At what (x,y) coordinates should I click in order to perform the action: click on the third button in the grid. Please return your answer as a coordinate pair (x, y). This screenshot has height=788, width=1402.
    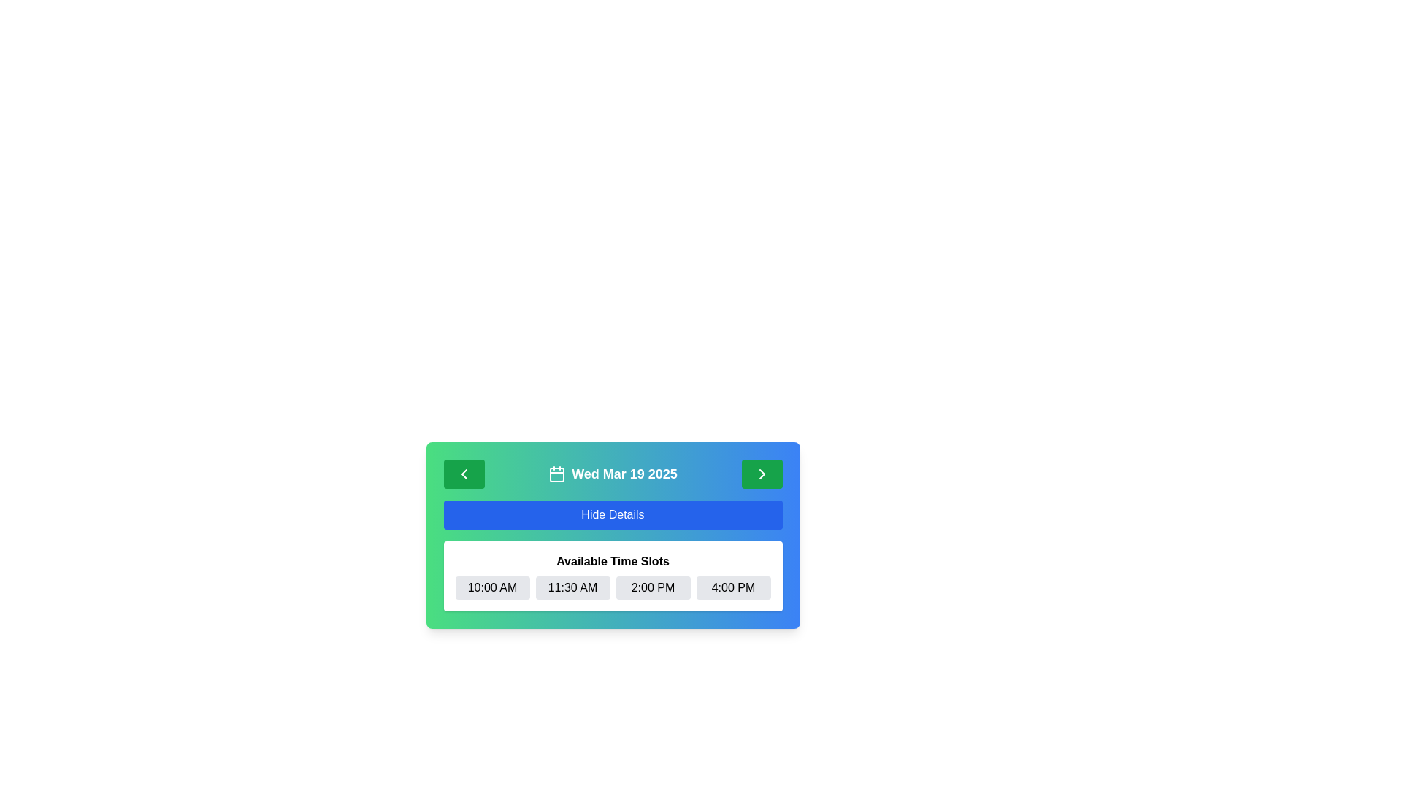
    Looking at the image, I should click on (652, 587).